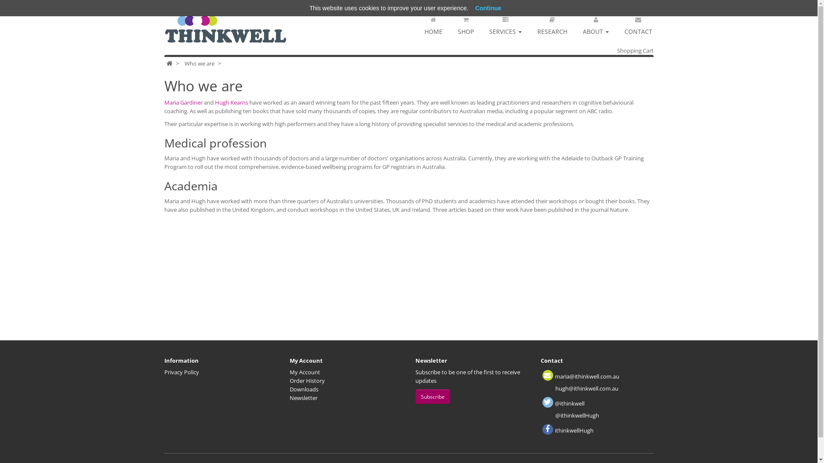 Image resolution: width=824 pixels, height=463 pixels. I want to click on 'ThinkWell', so click(227, 29).